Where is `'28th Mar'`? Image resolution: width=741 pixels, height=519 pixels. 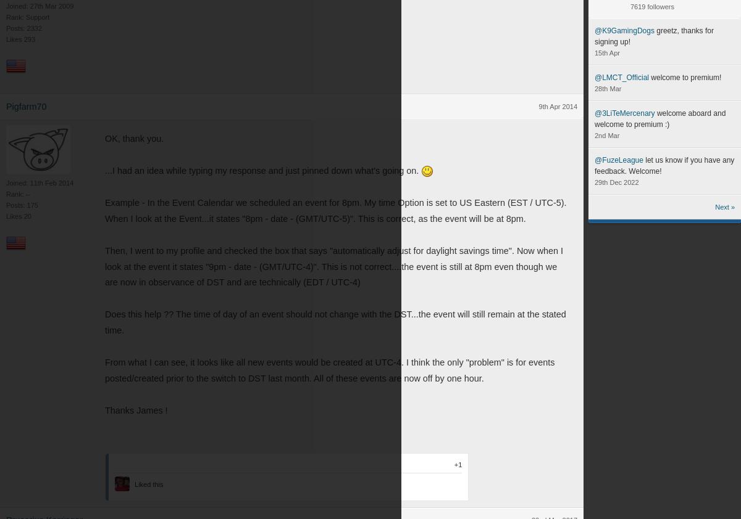 '28th Mar' is located at coordinates (608, 88).